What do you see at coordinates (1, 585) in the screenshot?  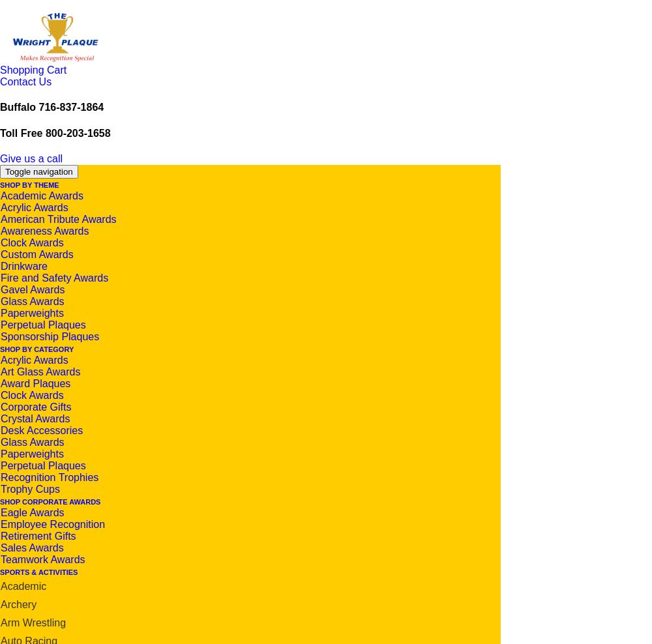 I see `'Academic'` at bounding box center [1, 585].